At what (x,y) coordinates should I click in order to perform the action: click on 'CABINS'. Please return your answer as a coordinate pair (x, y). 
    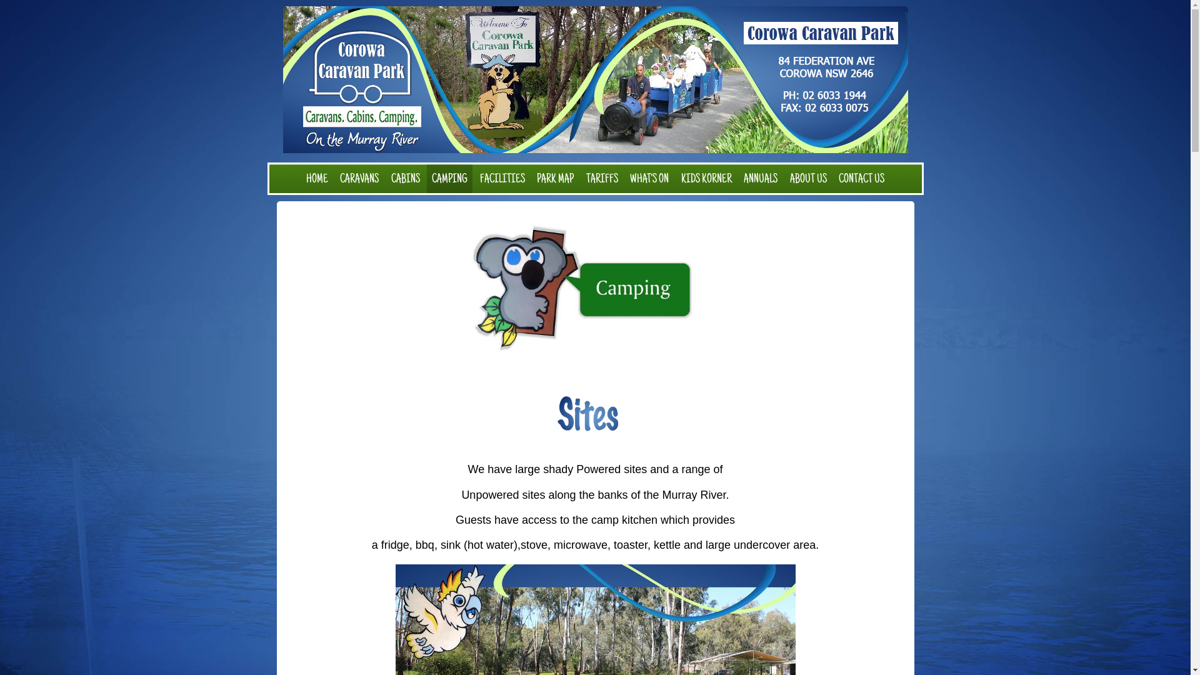
    Looking at the image, I should click on (405, 179).